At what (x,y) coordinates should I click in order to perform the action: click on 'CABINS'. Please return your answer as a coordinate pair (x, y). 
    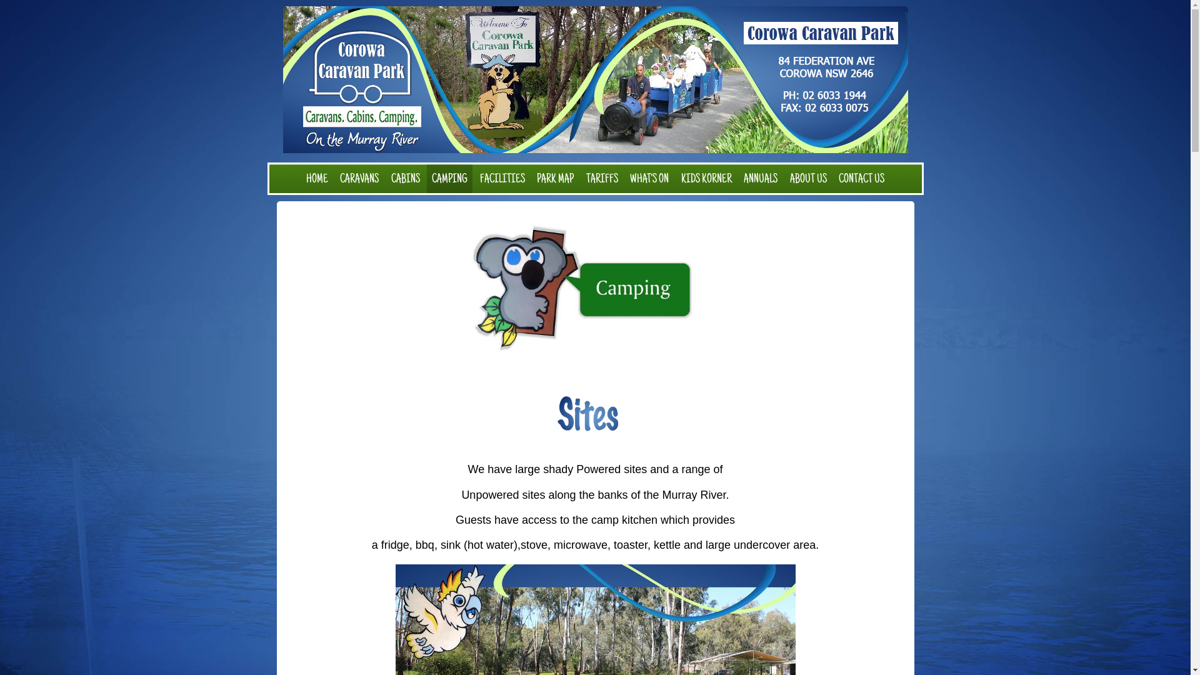
    Looking at the image, I should click on (405, 179).